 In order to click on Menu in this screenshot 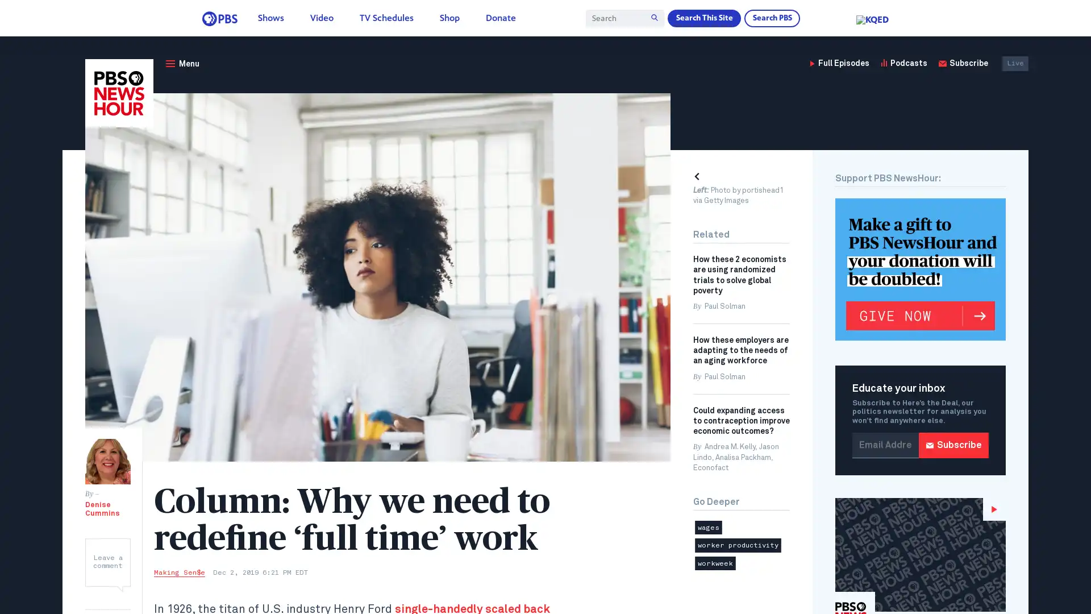, I will do `click(182, 63)`.